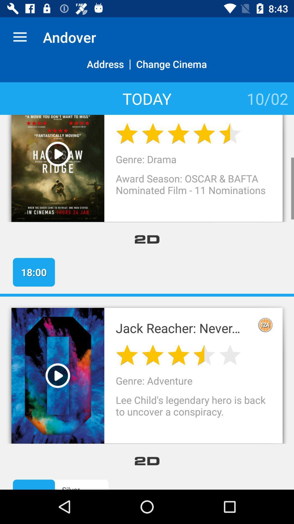  Describe the element at coordinates (171, 69) in the screenshot. I see `item above today` at that location.